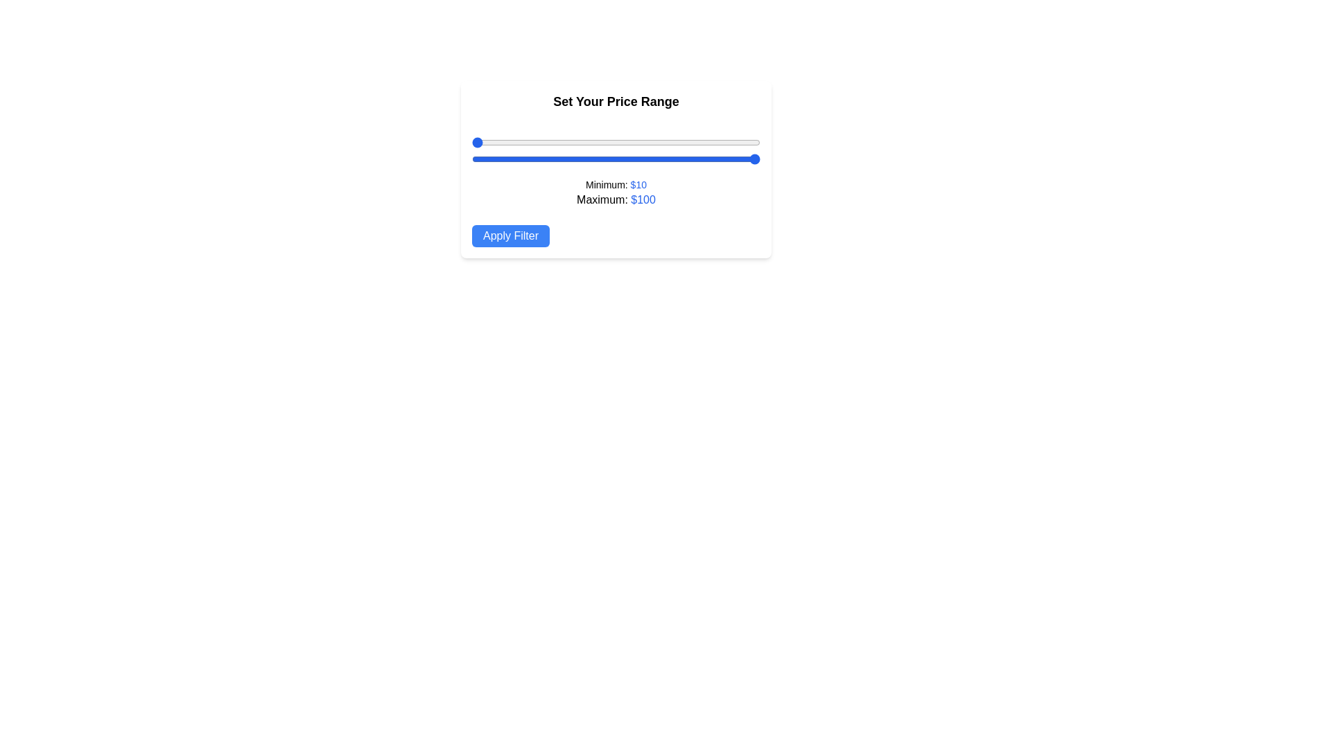 This screenshot has height=748, width=1331. I want to click on the text element that represents the minimum value for a price range, located to the right of the label 'Minimum:' and displaying 'Minimum: $10', so click(638, 184).